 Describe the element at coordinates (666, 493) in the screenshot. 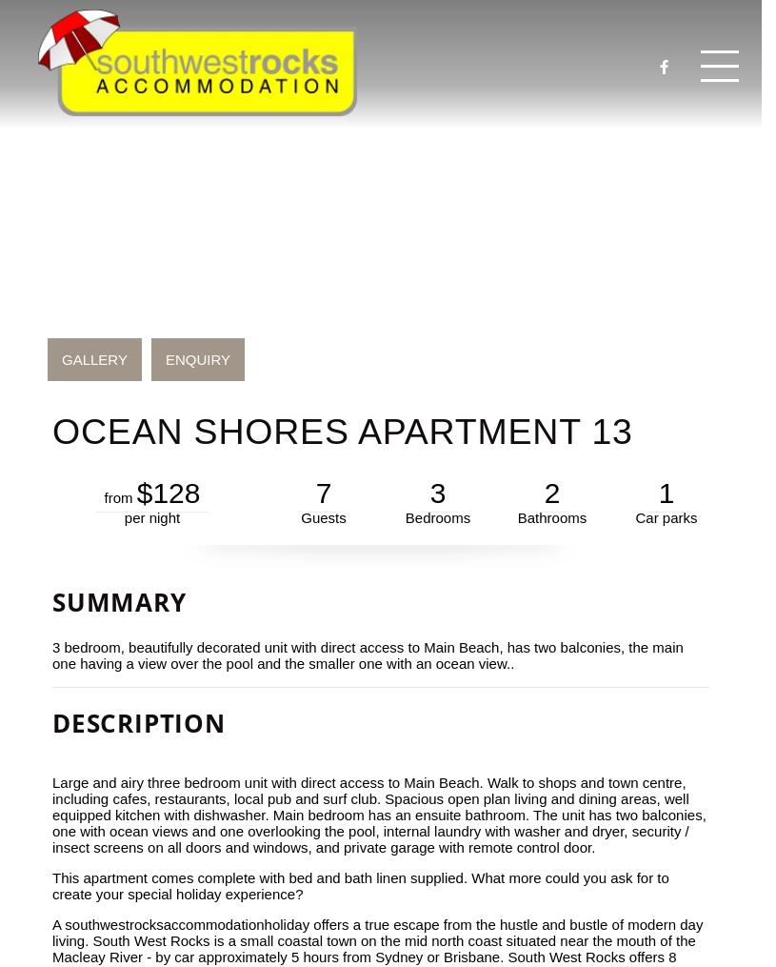

I see `'1'` at that location.